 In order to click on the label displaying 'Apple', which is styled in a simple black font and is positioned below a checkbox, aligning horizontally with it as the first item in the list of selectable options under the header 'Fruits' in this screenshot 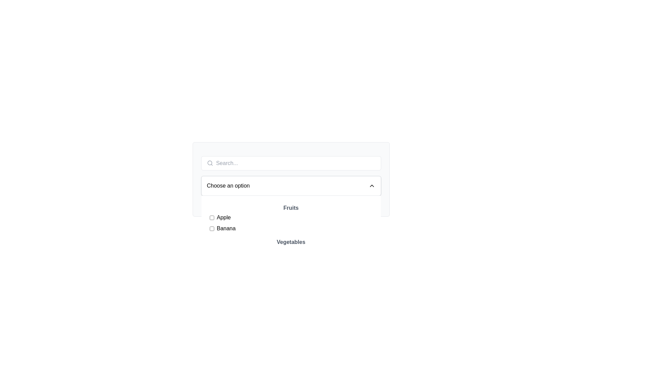, I will do `click(223, 217)`.